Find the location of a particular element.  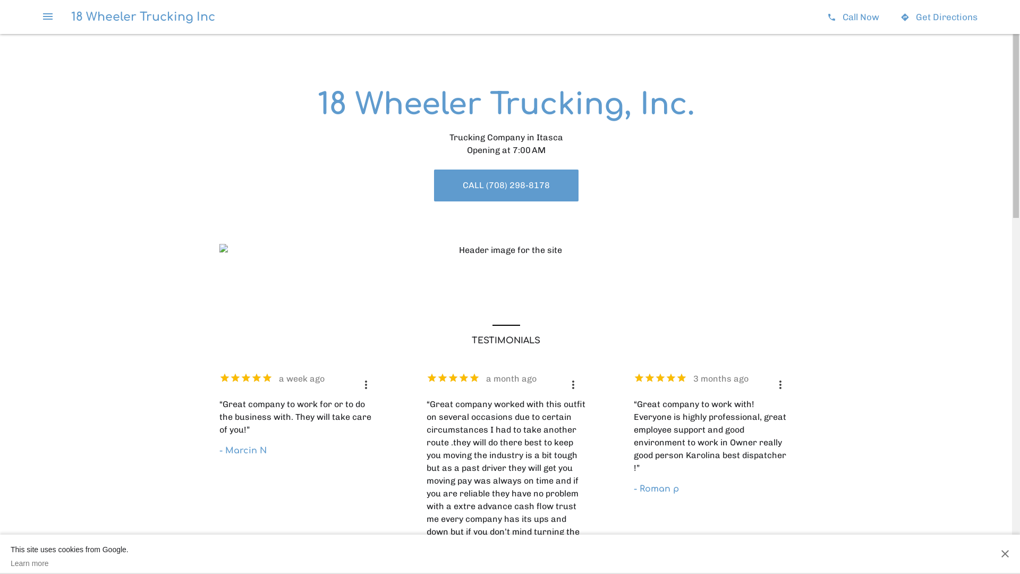

'CALL (708) 298-8178' is located at coordinates (505, 184).